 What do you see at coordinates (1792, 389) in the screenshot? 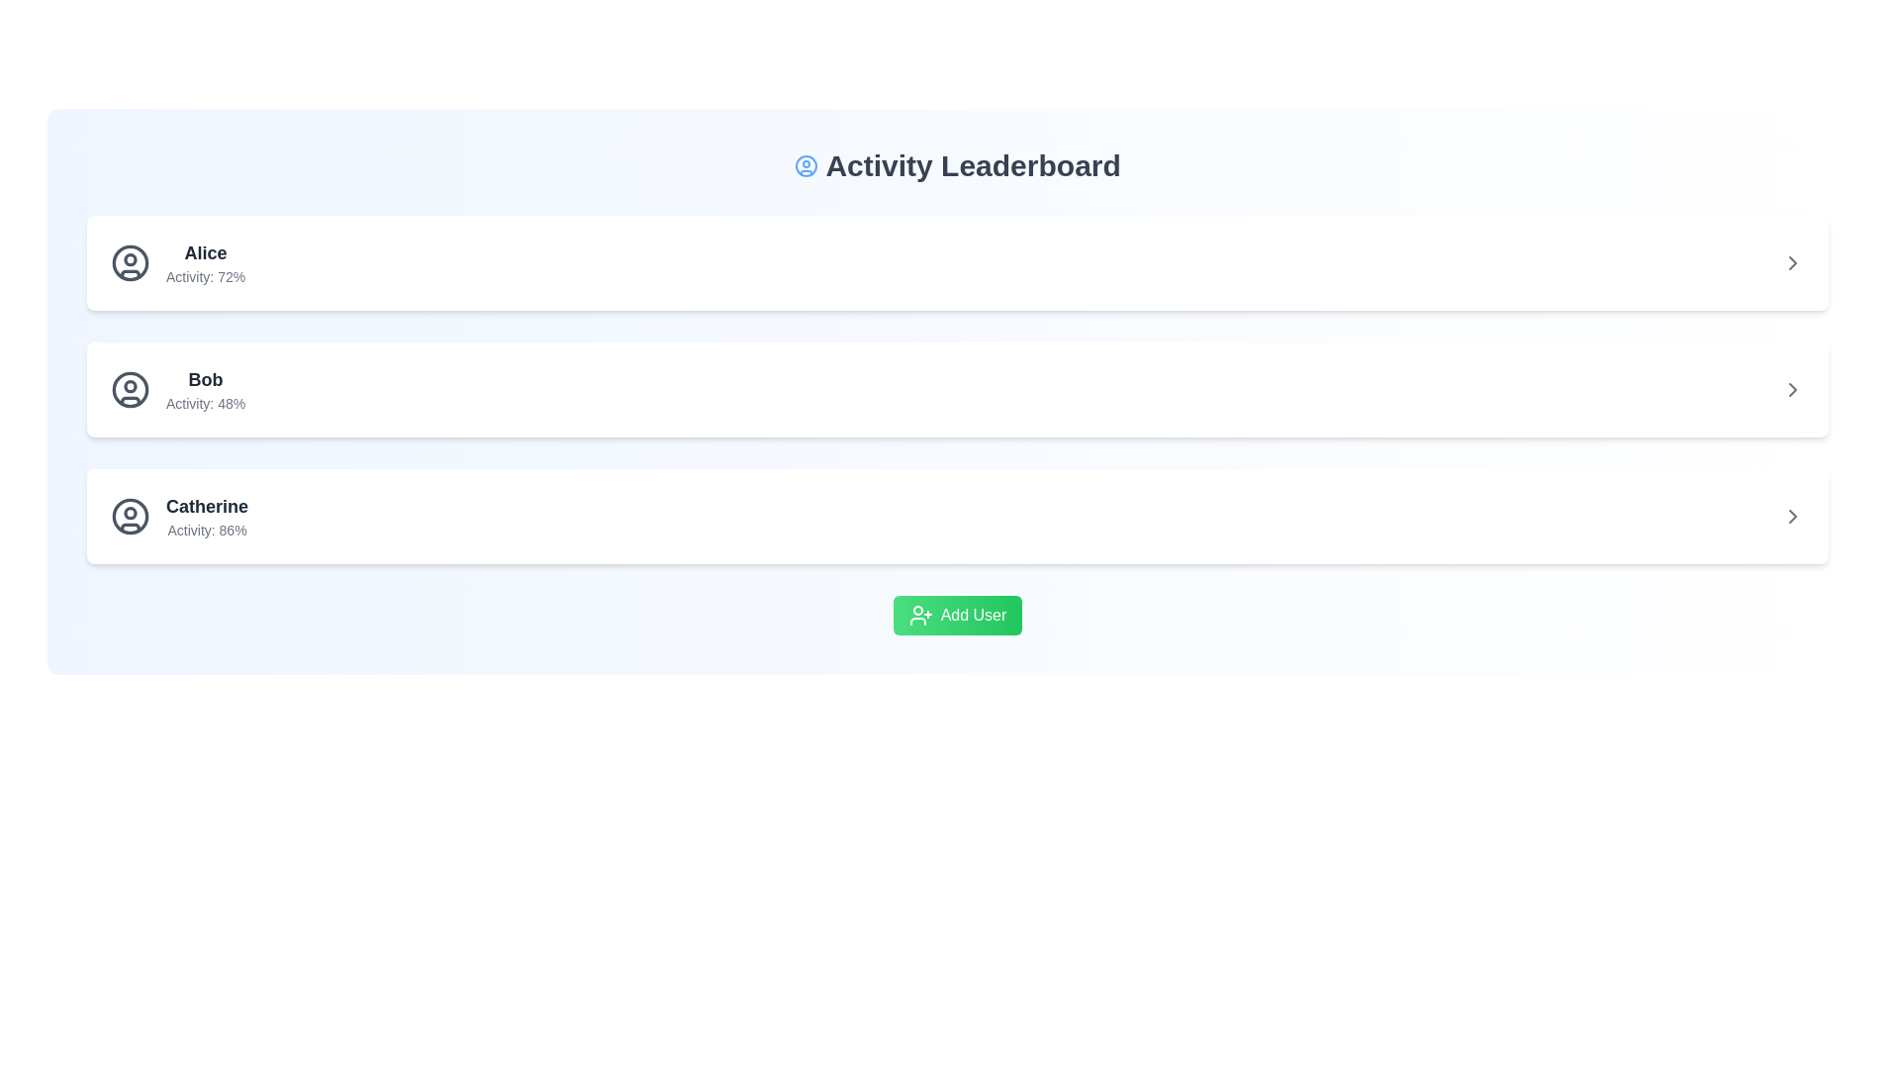
I see `the button styled as an icon located at the far right of the second user row labeled with 'Bob' and 'Activity: 48%'` at bounding box center [1792, 389].